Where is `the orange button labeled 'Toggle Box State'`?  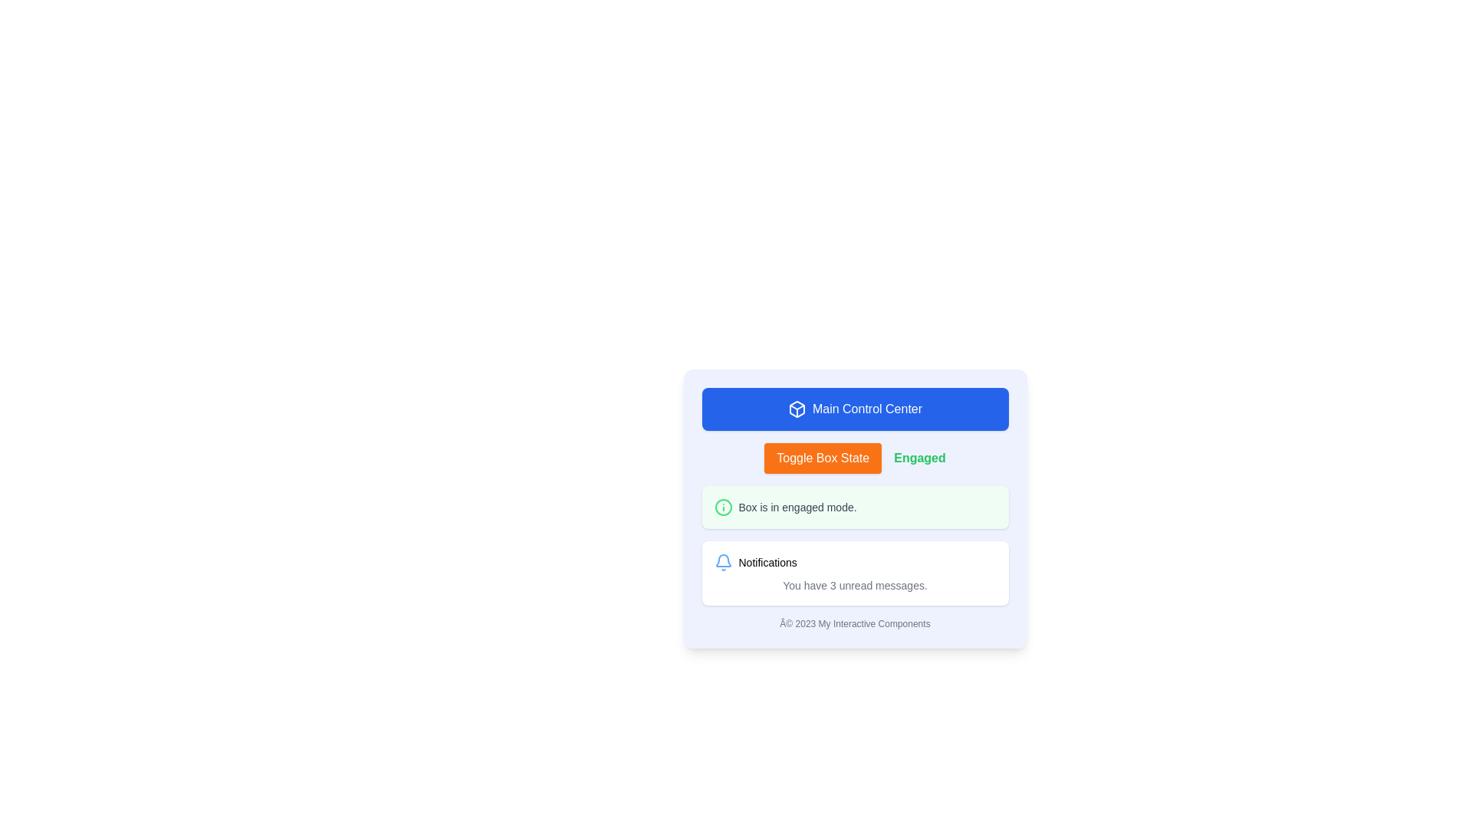
the orange button labeled 'Toggle Box State' is located at coordinates (854, 457).